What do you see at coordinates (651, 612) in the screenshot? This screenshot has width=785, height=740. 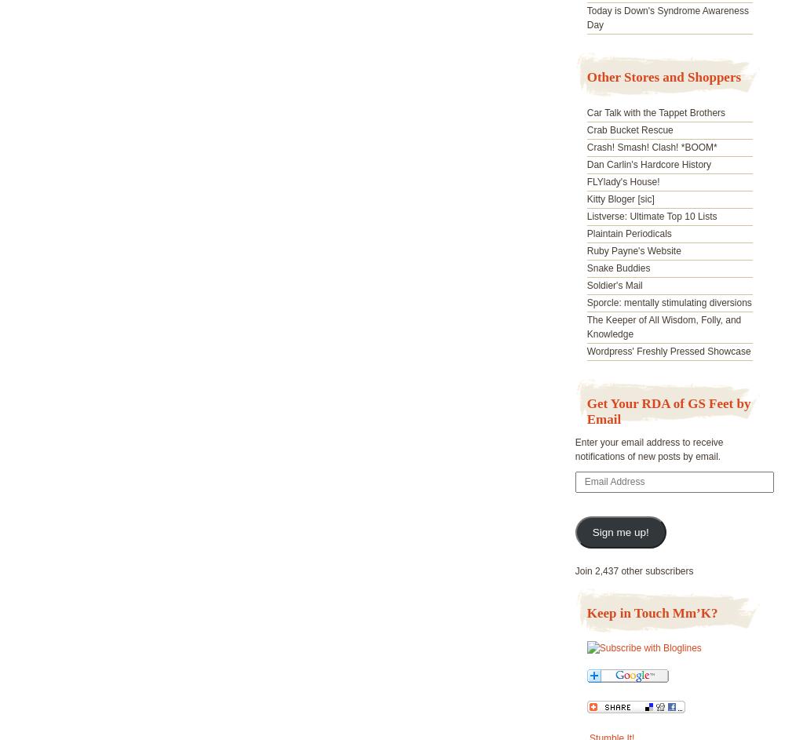 I see `'Keep in Touch Mm’K?'` at bounding box center [651, 612].